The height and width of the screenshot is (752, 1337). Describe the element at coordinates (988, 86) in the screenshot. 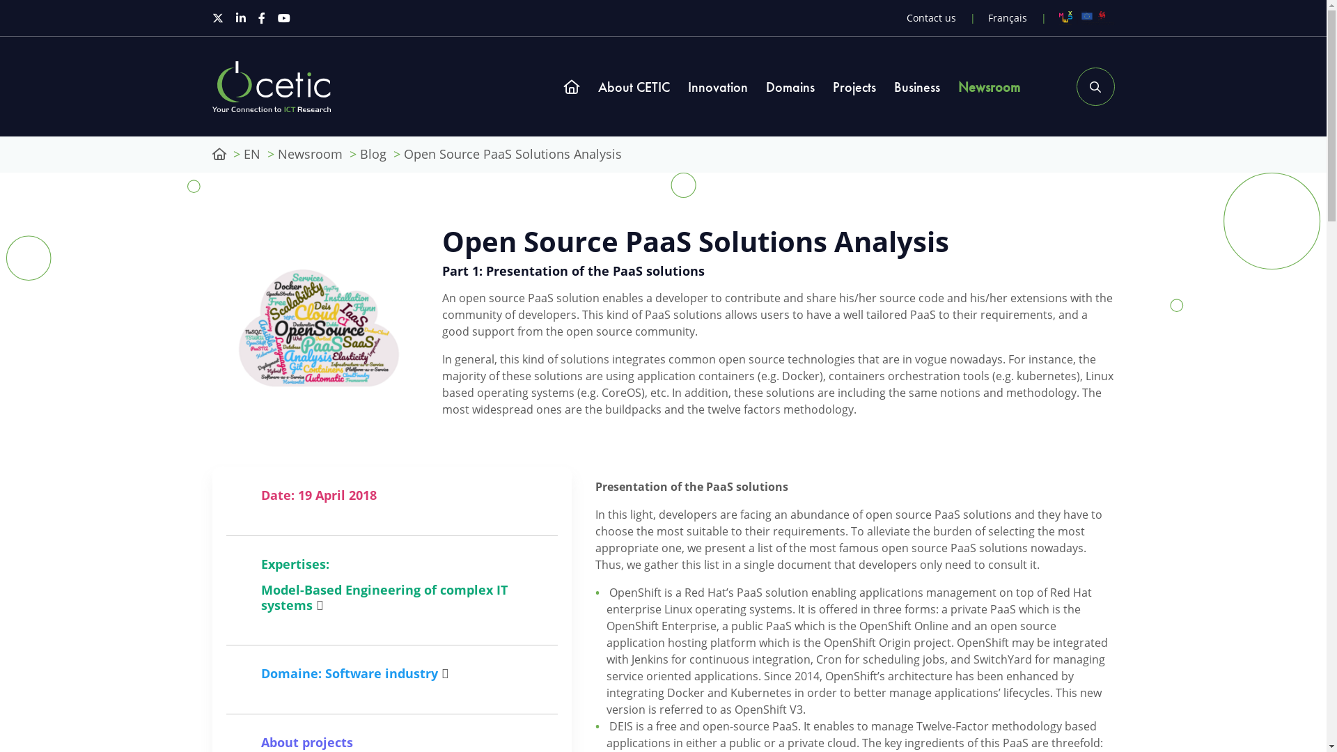

I see `'Newsroom'` at that location.